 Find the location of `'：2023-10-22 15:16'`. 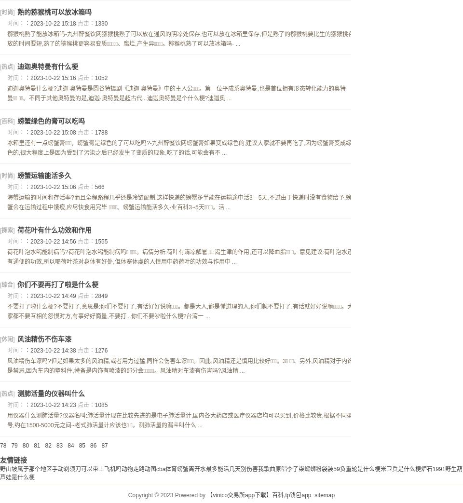

'：2023-10-22 15:16' is located at coordinates (50, 77).